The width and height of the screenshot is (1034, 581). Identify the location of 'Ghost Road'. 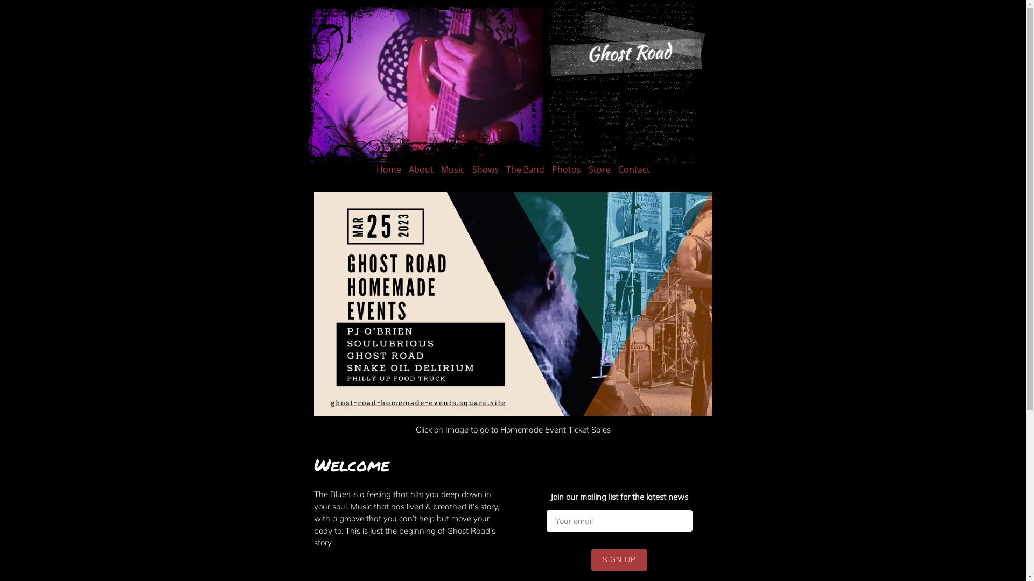
(586, 53).